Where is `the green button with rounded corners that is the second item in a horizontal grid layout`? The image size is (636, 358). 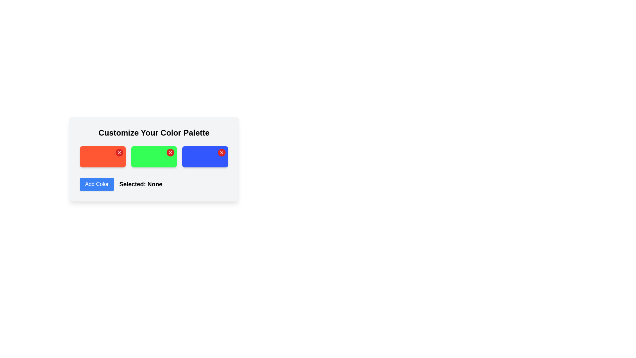
the green button with rounded corners that is the second item in a horizontal grid layout is located at coordinates (154, 158).